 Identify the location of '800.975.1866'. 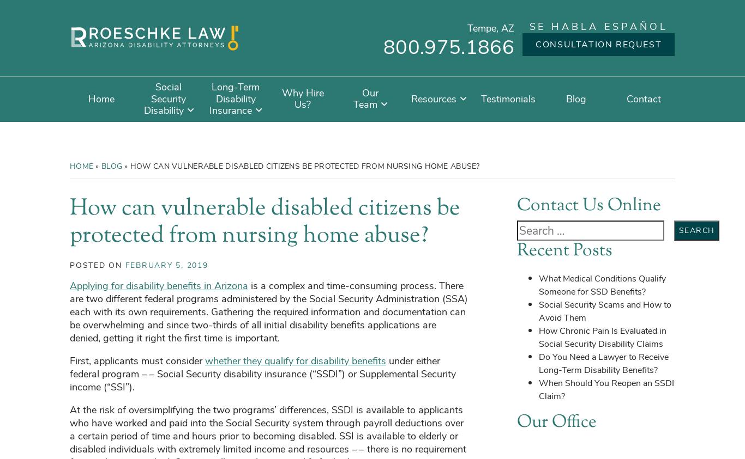
(448, 47).